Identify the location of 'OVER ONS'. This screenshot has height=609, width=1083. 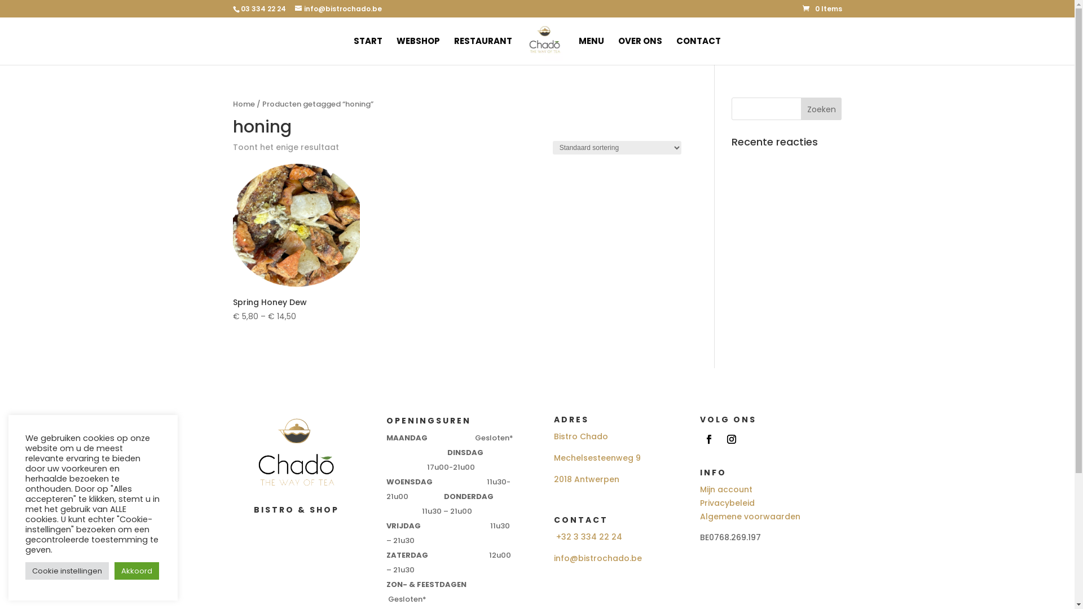
(640, 51).